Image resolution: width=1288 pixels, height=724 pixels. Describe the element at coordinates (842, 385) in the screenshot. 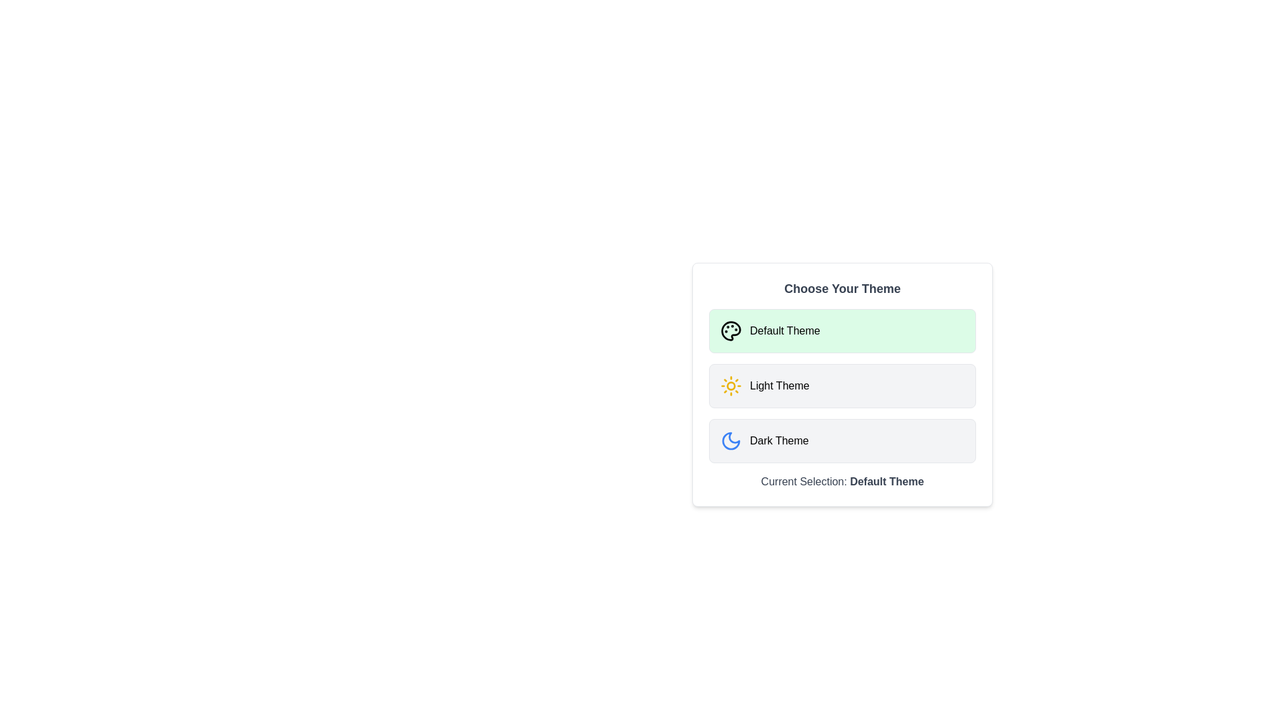

I see `the button corresponding to the theme Light Theme to observe its hover and focus effects` at that location.